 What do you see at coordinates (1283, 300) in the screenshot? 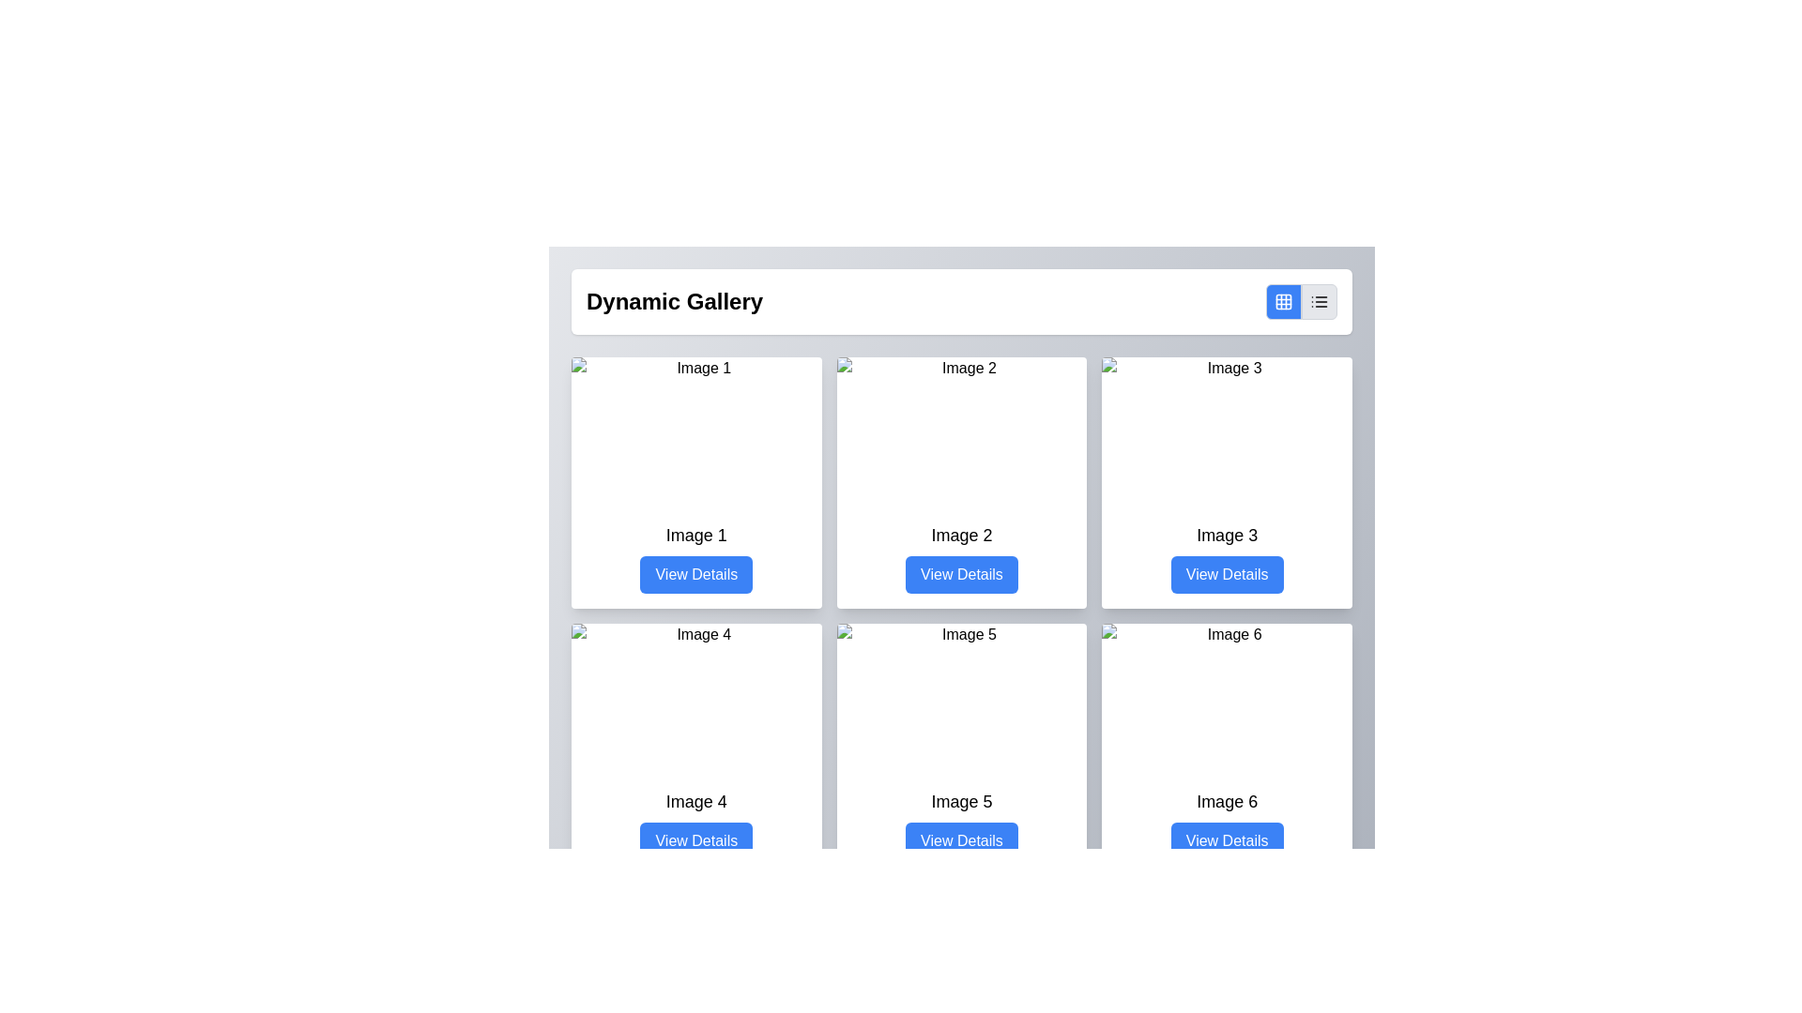
I see `the toggle button in the top-right corner of the interface to change the gallery layout to a grid view` at bounding box center [1283, 300].